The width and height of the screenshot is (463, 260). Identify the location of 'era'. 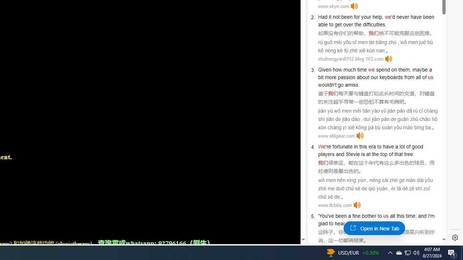
(372, 146).